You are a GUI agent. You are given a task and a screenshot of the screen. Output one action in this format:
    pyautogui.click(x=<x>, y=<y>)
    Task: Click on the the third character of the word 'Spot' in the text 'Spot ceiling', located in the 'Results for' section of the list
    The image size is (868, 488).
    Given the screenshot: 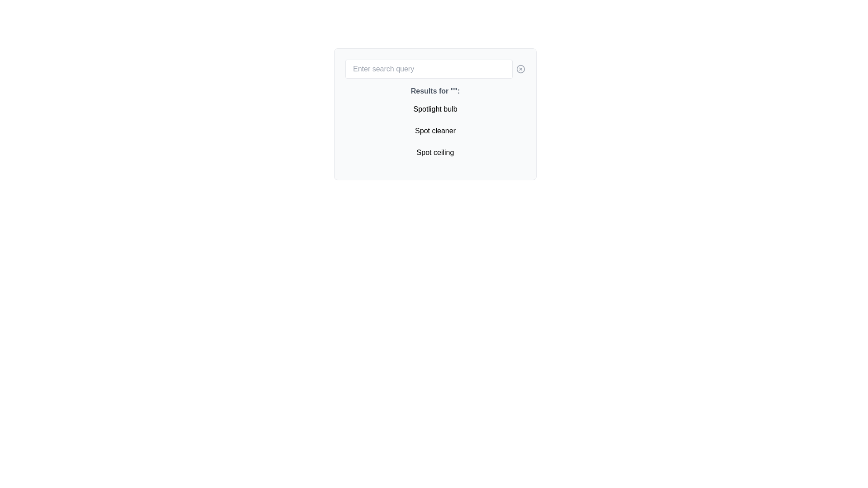 What is the action you would take?
    pyautogui.click(x=423, y=152)
    